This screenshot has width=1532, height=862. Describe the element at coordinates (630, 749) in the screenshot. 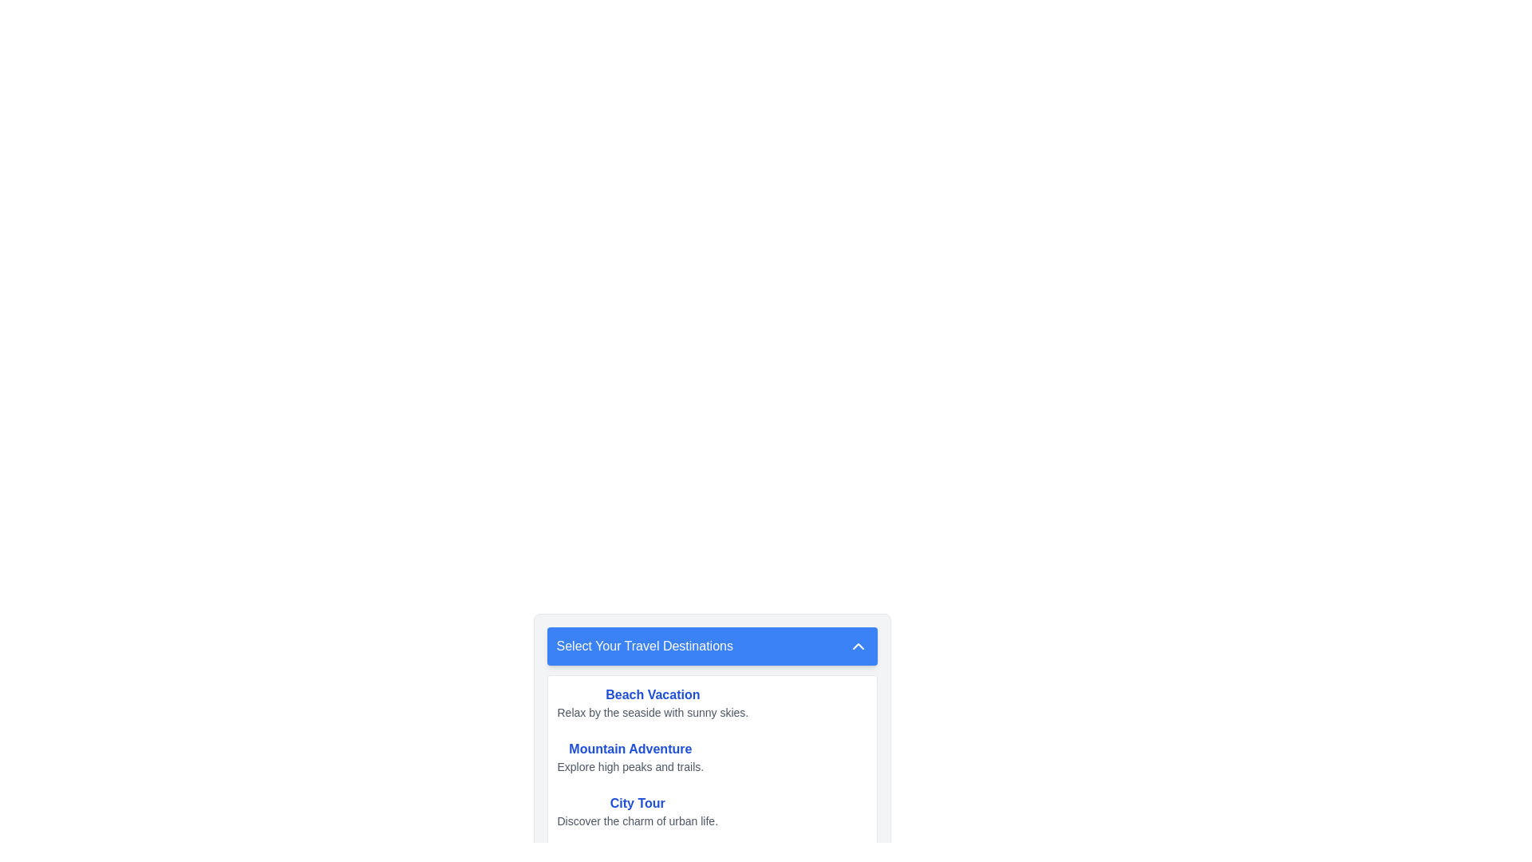

I see `the 'Mountain Adventure' label` at that location.